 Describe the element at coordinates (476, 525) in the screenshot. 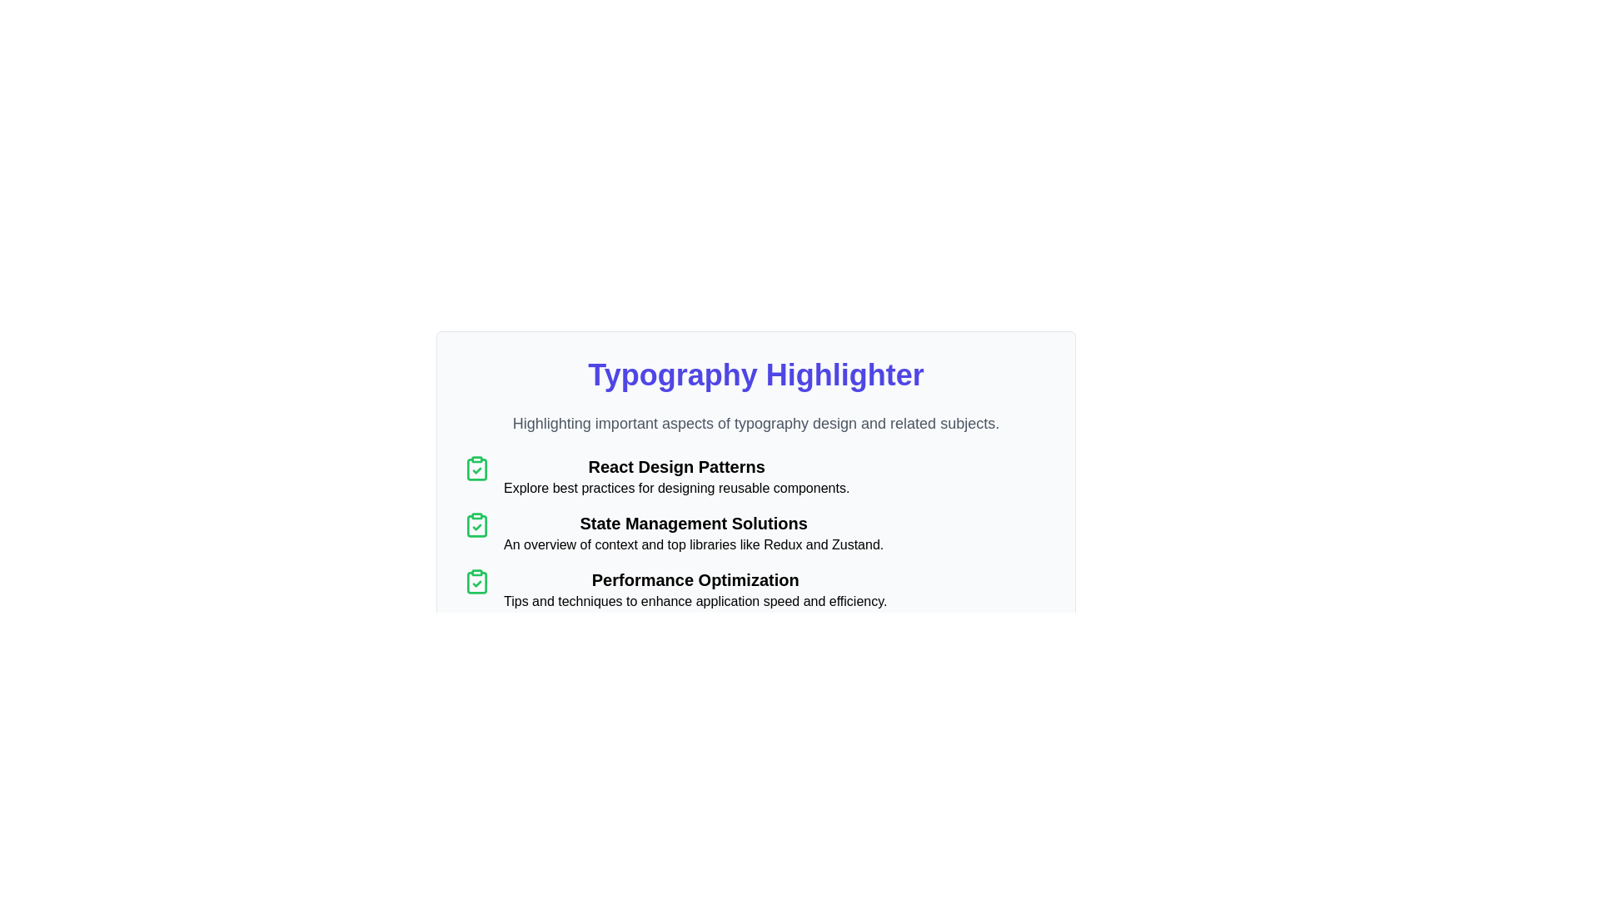

I see `the small green clipboard icon with a checkmark, which signifies a completed state, located to the left of the 'State Management Solutions' section` at that location.